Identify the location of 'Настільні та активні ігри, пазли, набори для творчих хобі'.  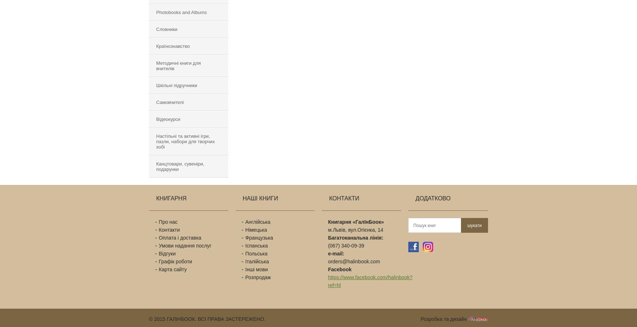
(185, 141).